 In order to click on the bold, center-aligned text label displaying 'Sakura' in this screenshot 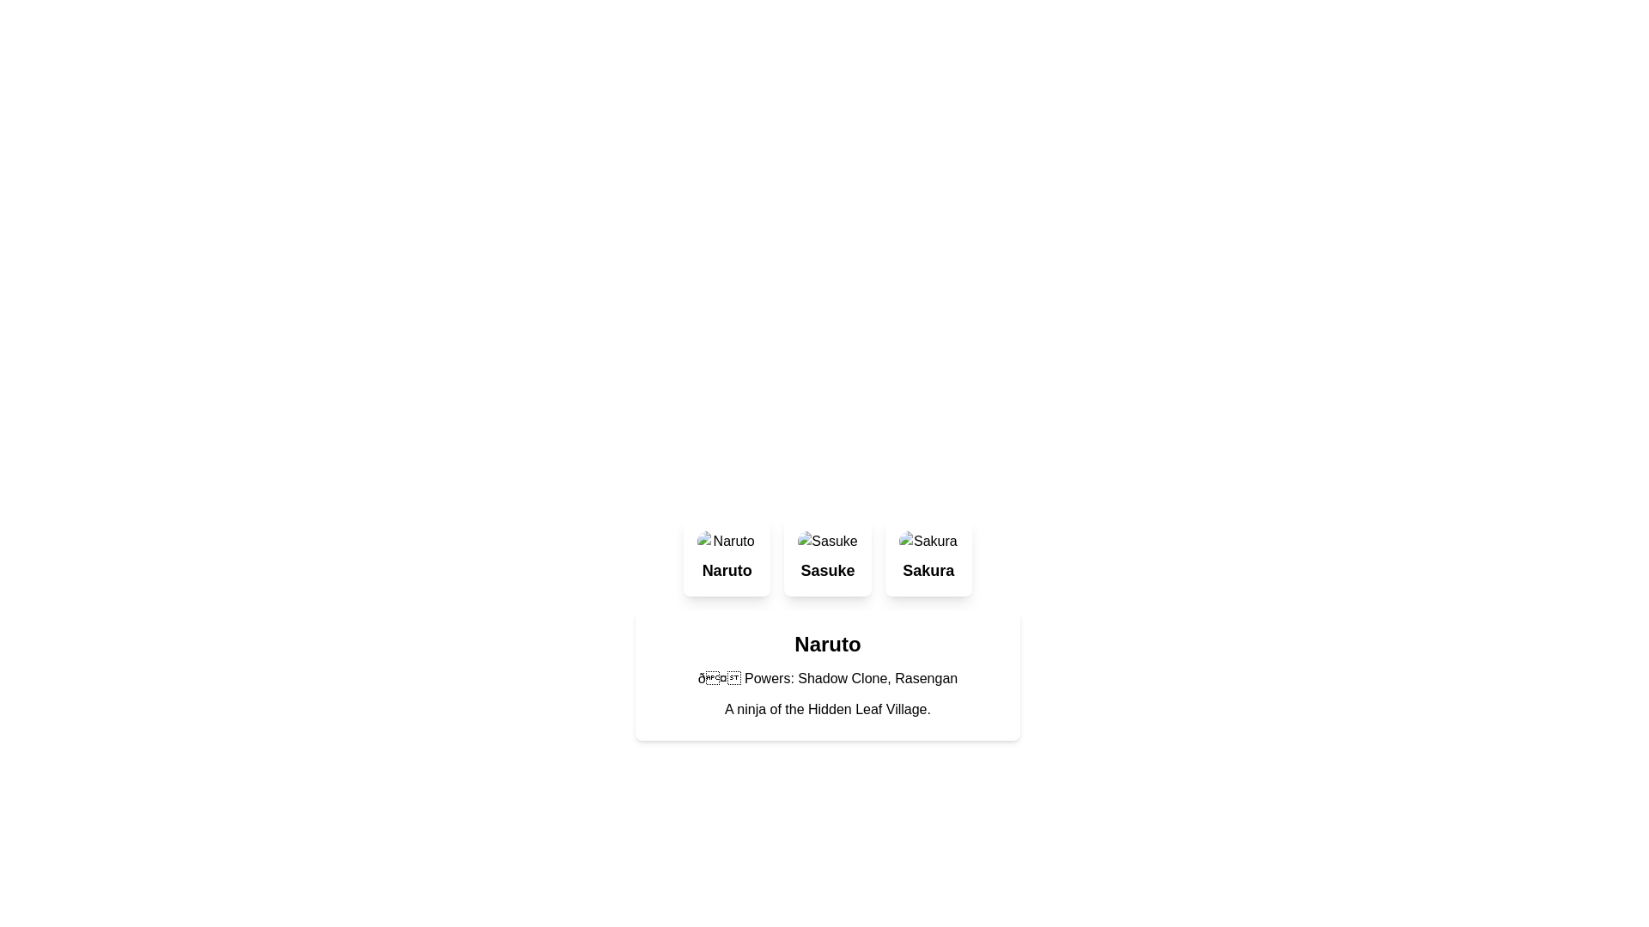, I will do `click(928, 570)`.